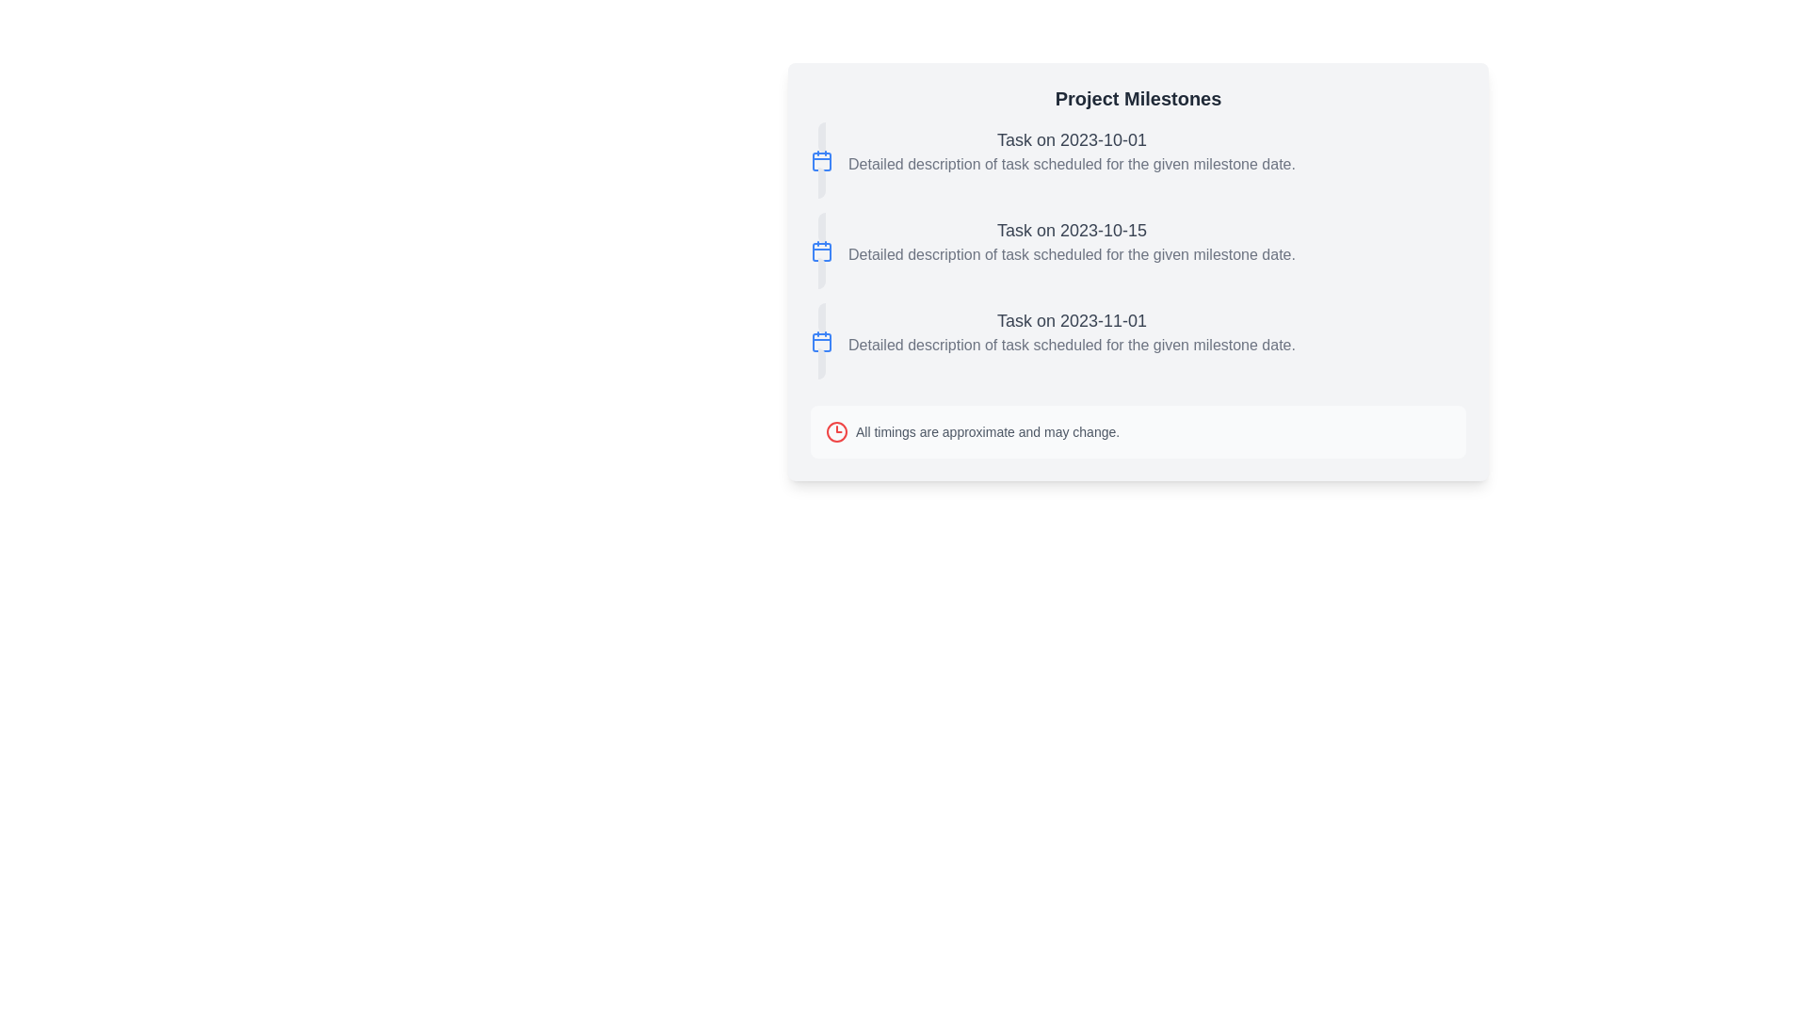  What do you see at coordinates (822, 341) in the screenshot?
I see `calendar icon representing the milestone date '2023-11-01', which is the third icon in a vertical list of similar icons` at bounding box center [822, 341].